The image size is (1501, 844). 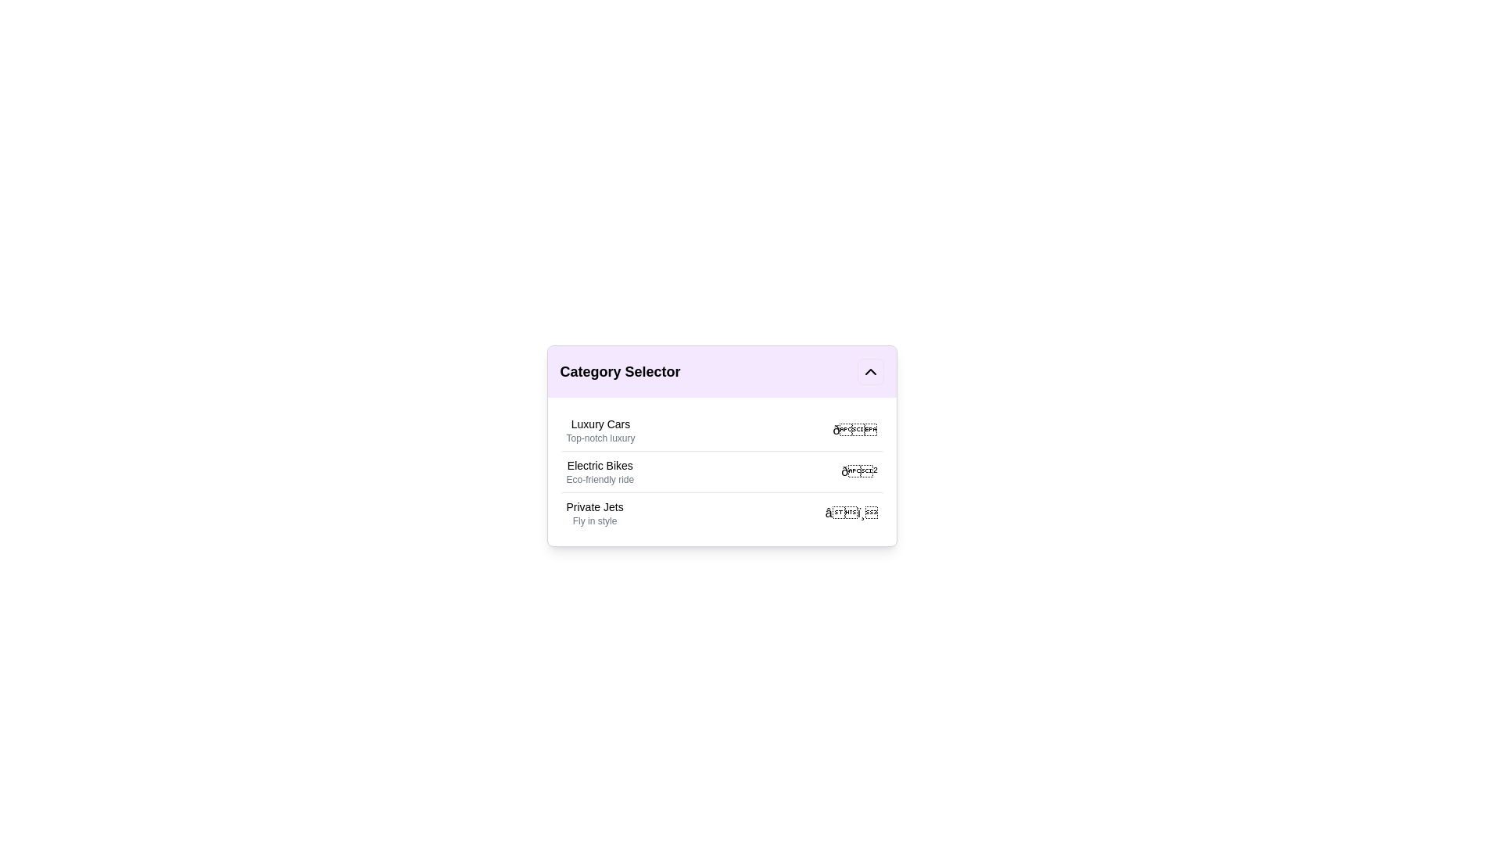 I want to click on the list item representing the category choice for Luxury Cars, which includes a brief description 'Top-notch luxury', so click(x=600, y=431).